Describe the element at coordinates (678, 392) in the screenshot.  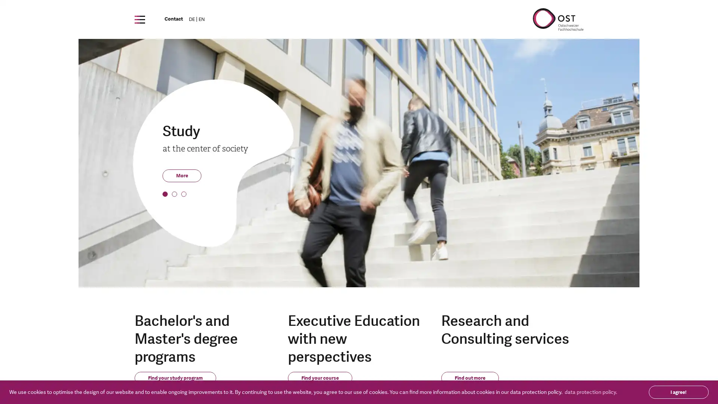
I see `dismiss cookie message` at that location.